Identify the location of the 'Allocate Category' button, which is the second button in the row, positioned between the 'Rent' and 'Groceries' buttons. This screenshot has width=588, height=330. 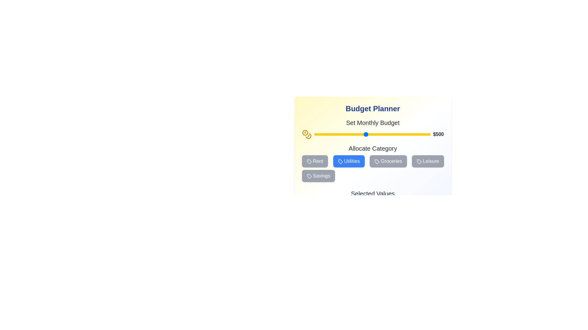
(349, 161).